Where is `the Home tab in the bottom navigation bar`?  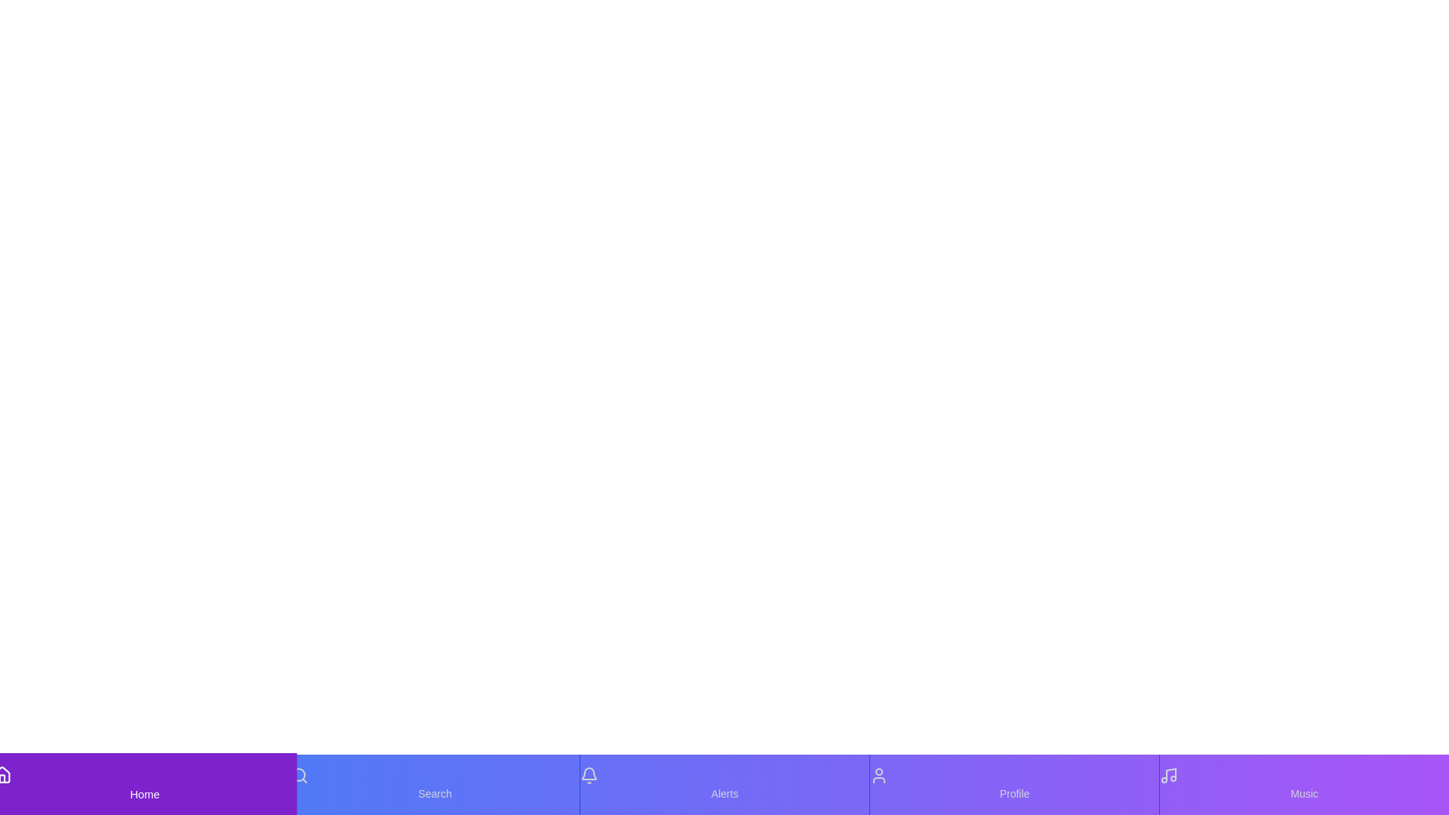
the Home tab in the bottom navigation bar is located at coordinates (145, 784).